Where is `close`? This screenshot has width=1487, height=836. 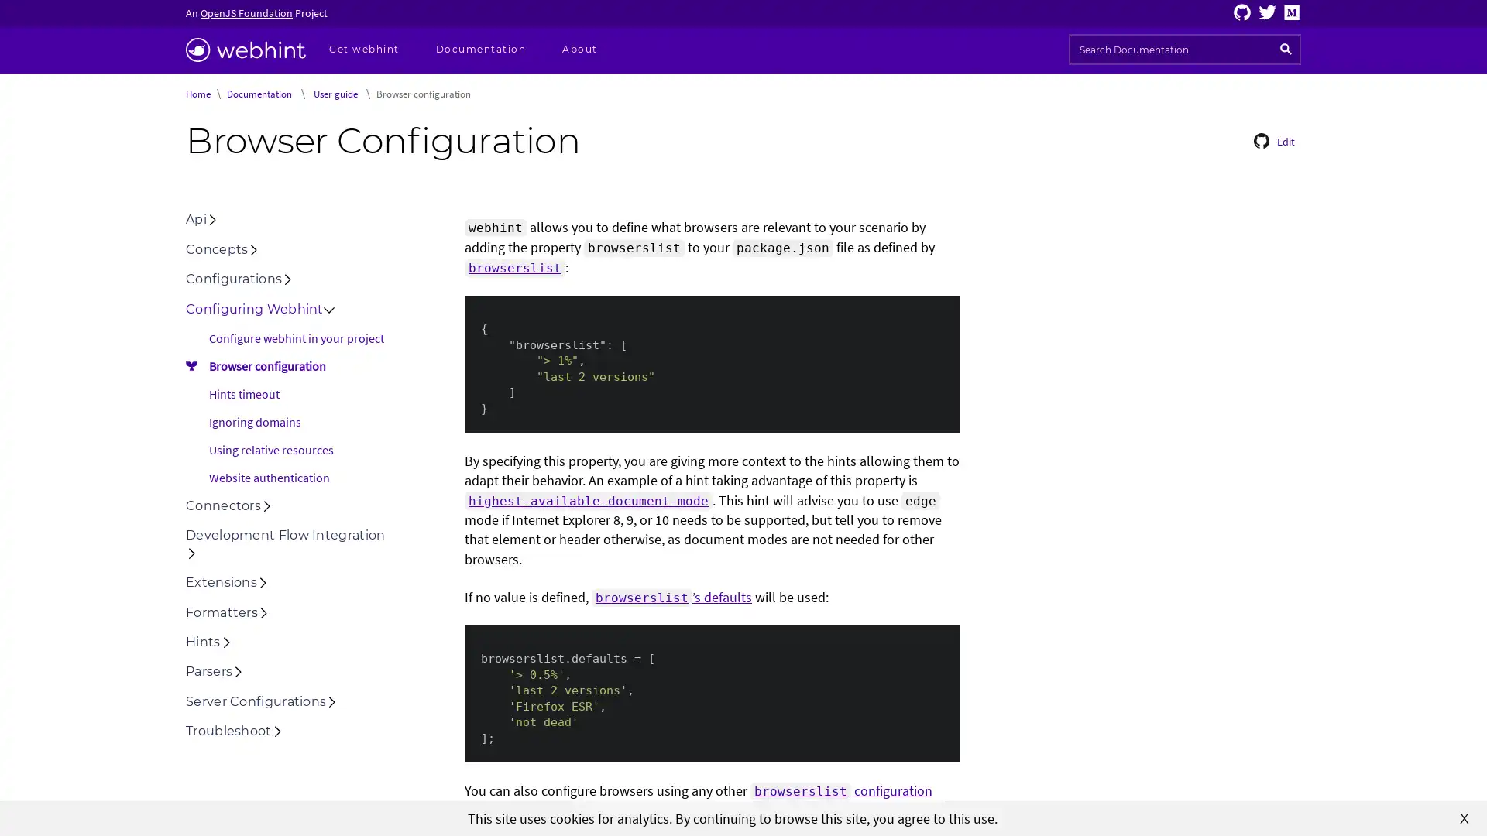
close is located at coordinates (1464, 817).